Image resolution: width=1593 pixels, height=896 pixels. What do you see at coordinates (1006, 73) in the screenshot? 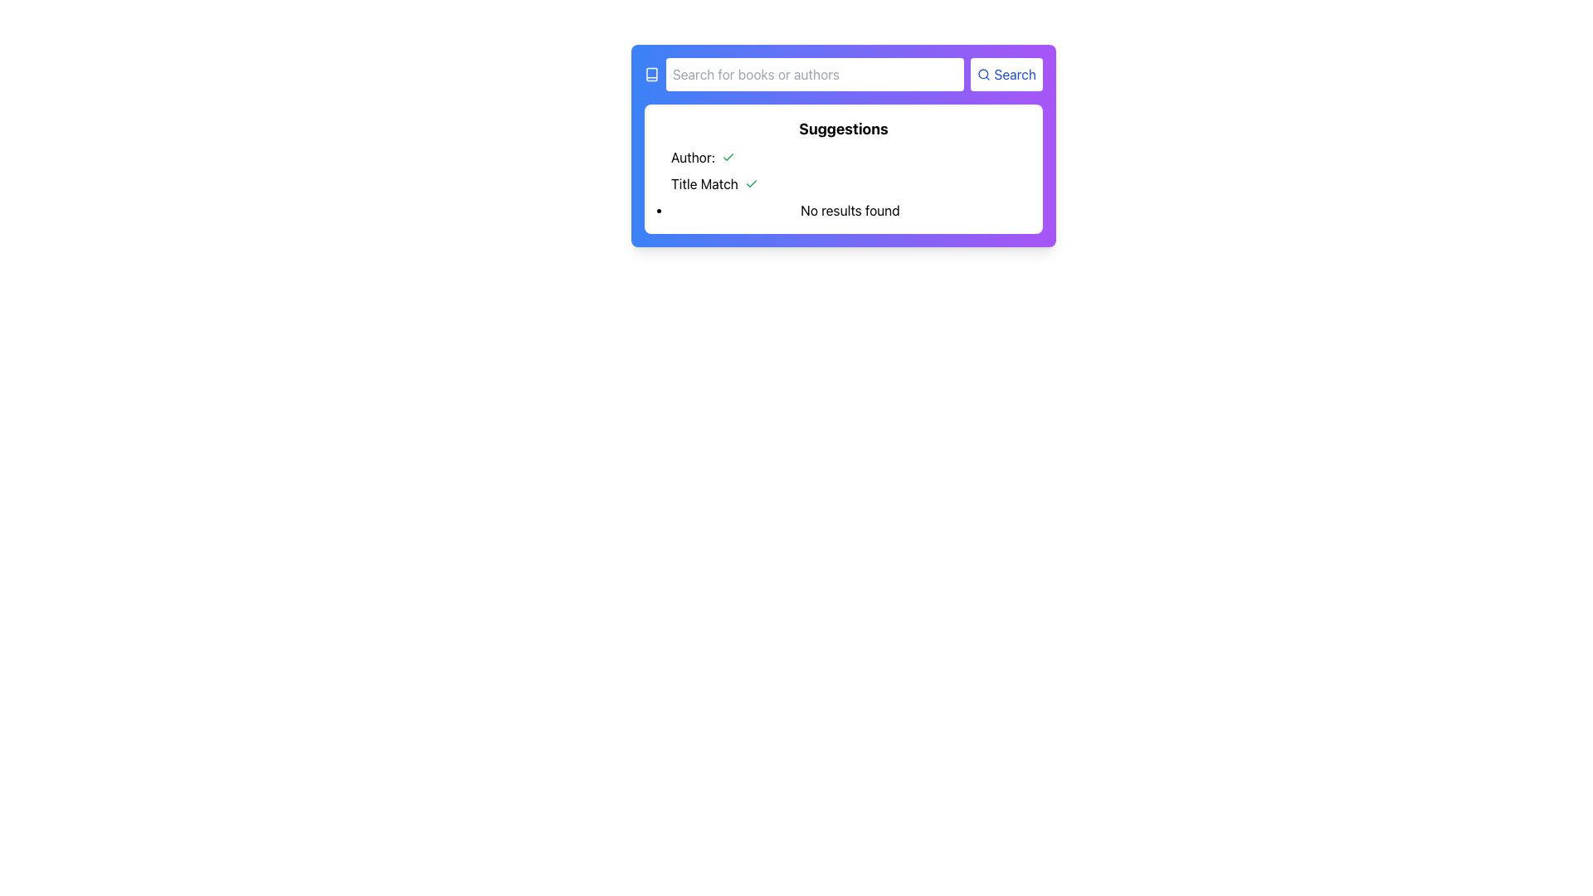
I see `the 'Search' button, which is a rectangular button with a white background and blue text, located immediately to the right of a text input field` at bounding box center [1006, 73].